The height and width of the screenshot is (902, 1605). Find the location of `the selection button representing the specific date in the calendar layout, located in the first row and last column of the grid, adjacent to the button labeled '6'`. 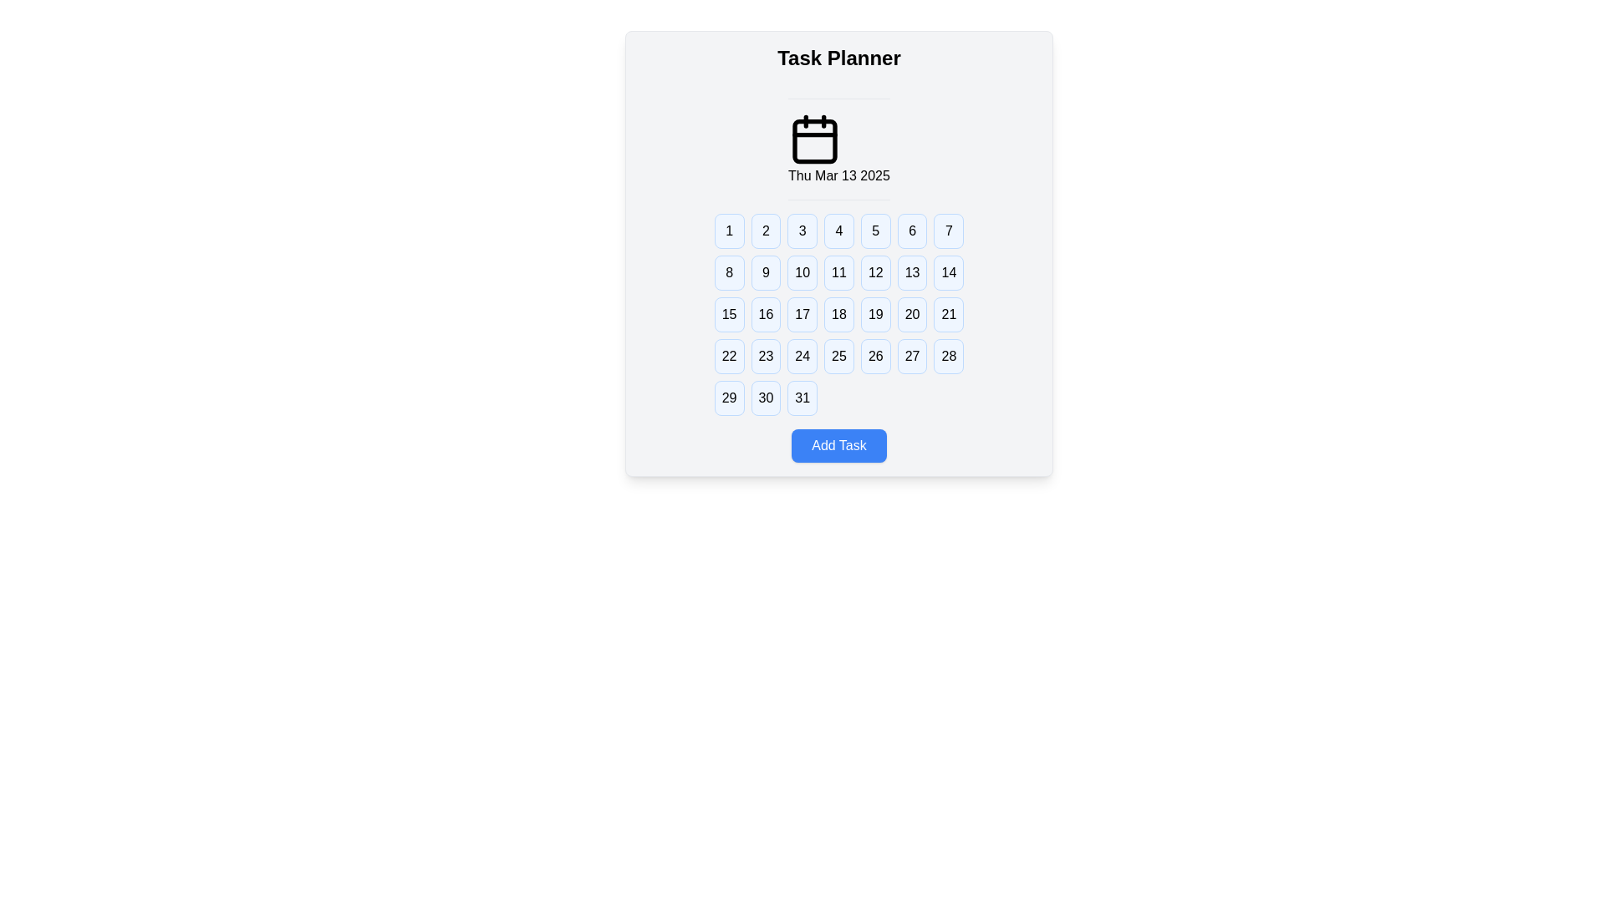

the selection button representing the specific date in the calendar layout, located in the first row and last column of the grid, adjacent to the button labeled '6' is located at coordinates (949, 231).